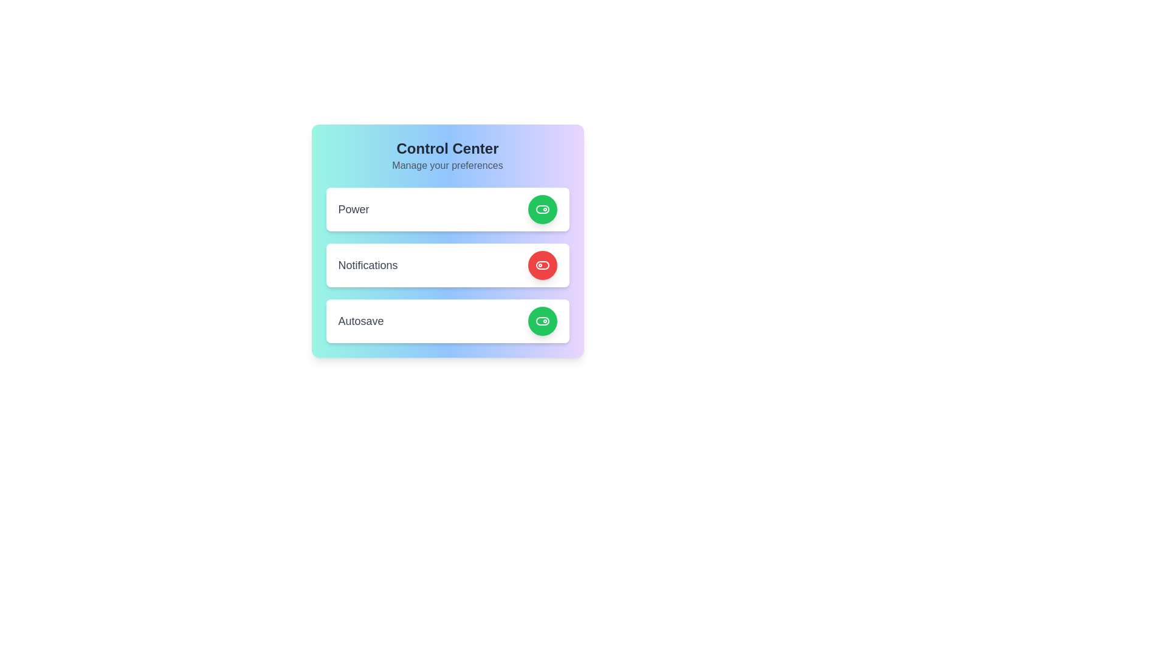  Describe the element at coordinates (542, 320) in the screenshot. I see `the button corresponding to autosave to observe its hover effect` at that location.